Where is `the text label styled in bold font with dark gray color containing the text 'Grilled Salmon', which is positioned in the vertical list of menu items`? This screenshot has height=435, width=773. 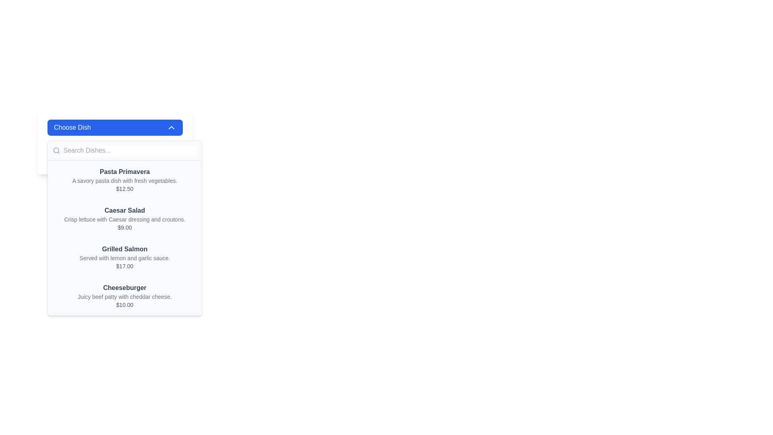
the text label styled in bold font with dark gray color containing the text 'Grilled Salmon', which is positioned in the vertical list of menu items is located at coordinates (124, 249).